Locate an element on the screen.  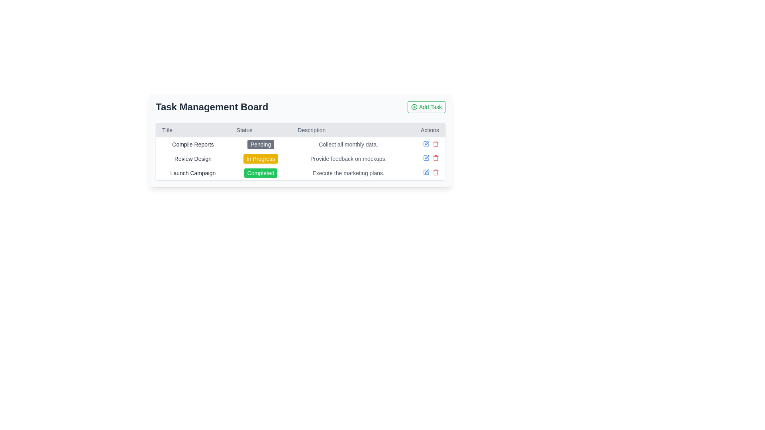
the rectangular button labeled 'Pending' in the 'Status' column of the table, which has a gray background and white text is located at coordinates (261, 144).